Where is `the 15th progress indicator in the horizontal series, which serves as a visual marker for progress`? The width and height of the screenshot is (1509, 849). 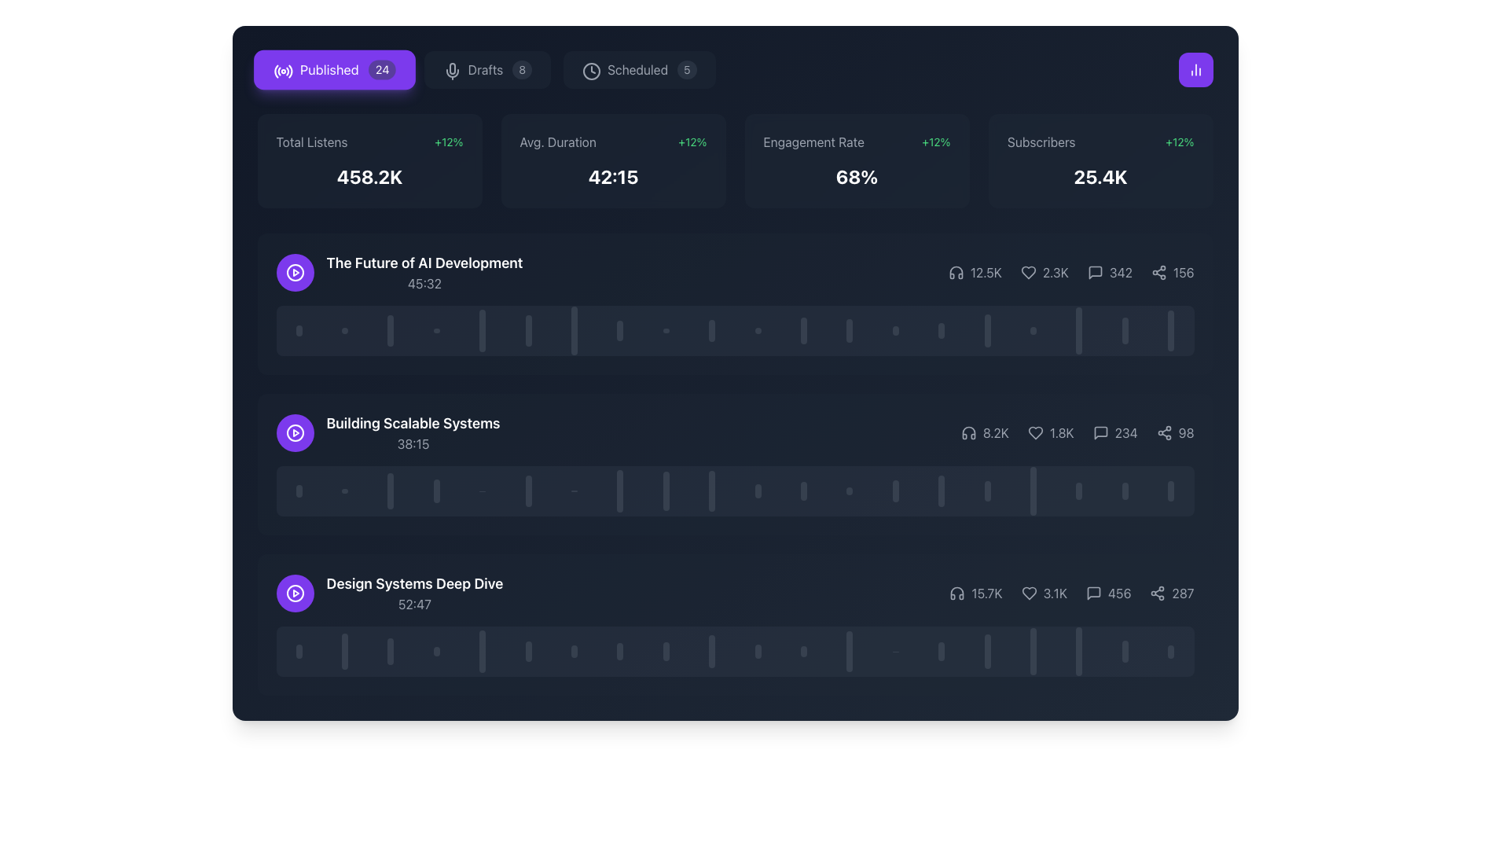 the 15th progress indicator in the horizontal series, which serves as a visual marker for progress is located at coordinates (942, 490).